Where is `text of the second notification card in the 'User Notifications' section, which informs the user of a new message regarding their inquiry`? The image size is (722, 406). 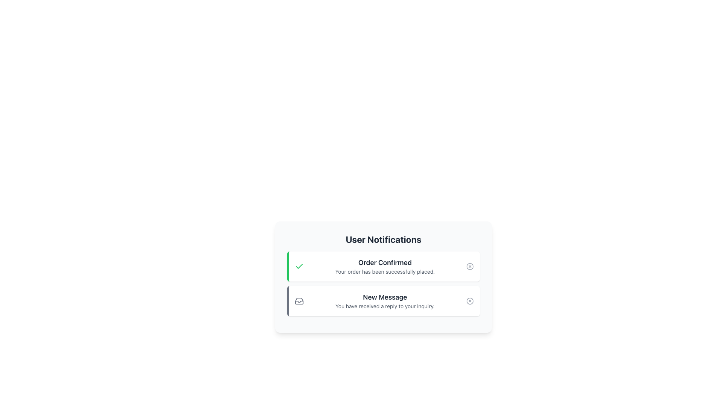
text of the second notification card in the 'User Notifications' section, which informs the user of a new message regarding their inquiry is located at coordinates (383, 301).